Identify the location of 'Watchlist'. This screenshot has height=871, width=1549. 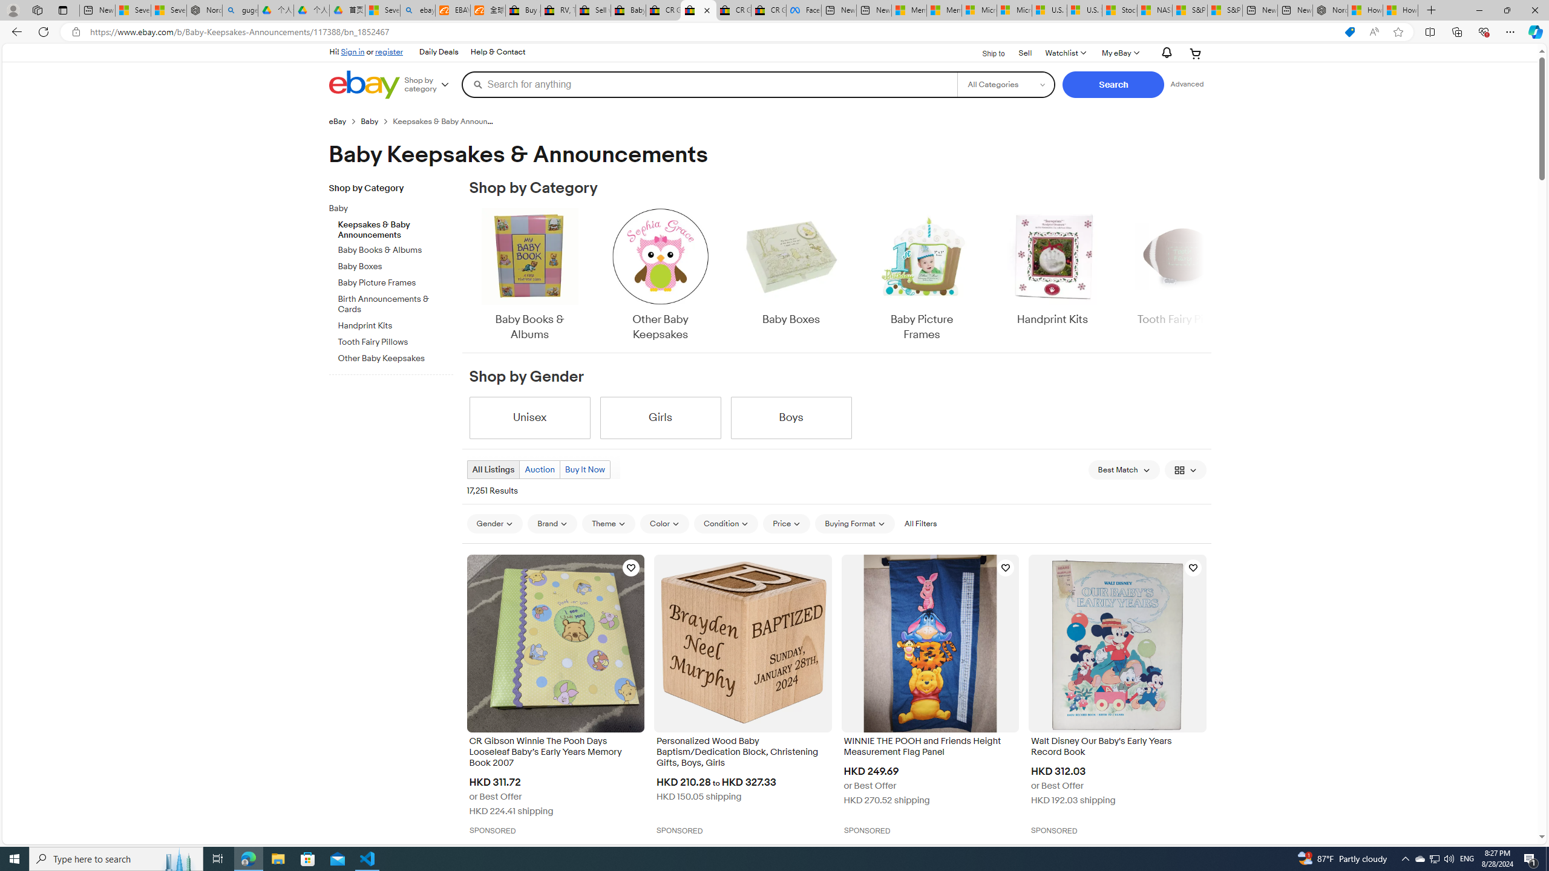
(1065, 53).